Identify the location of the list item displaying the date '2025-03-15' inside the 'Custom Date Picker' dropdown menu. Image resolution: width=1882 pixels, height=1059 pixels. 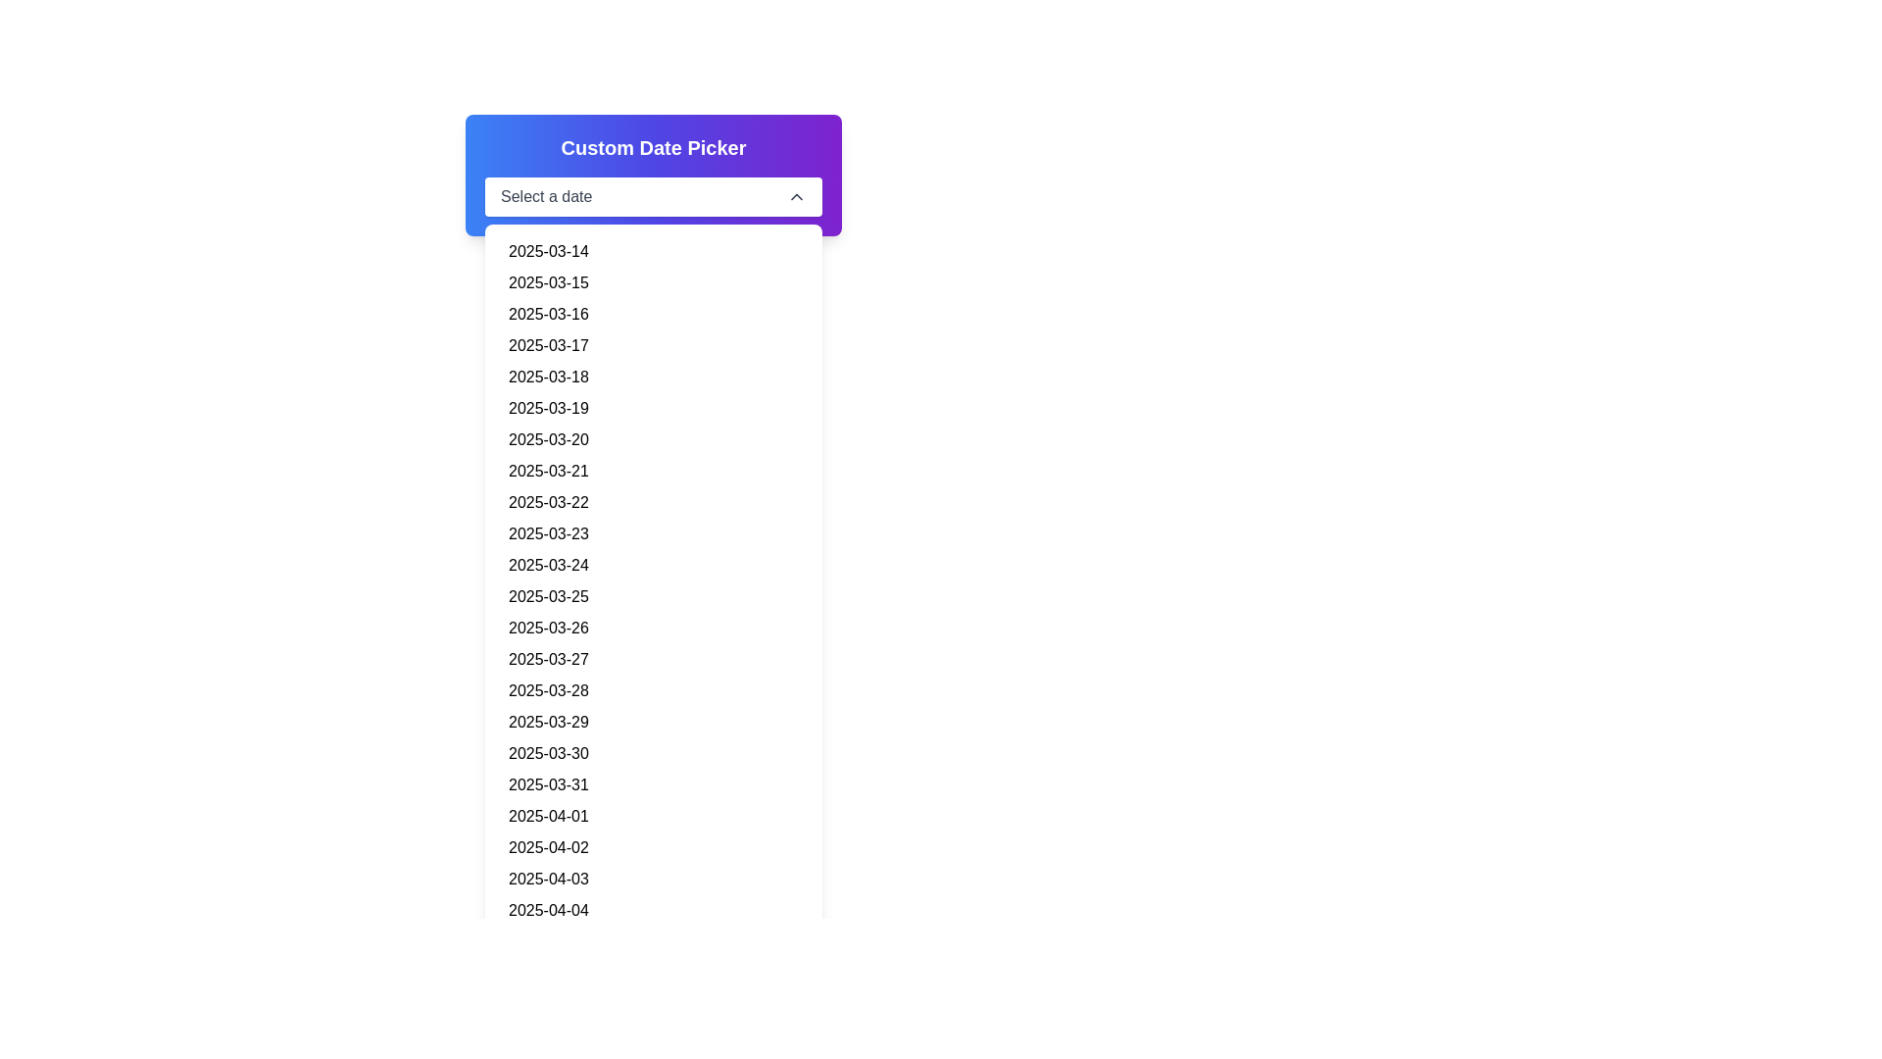
(654, 283).